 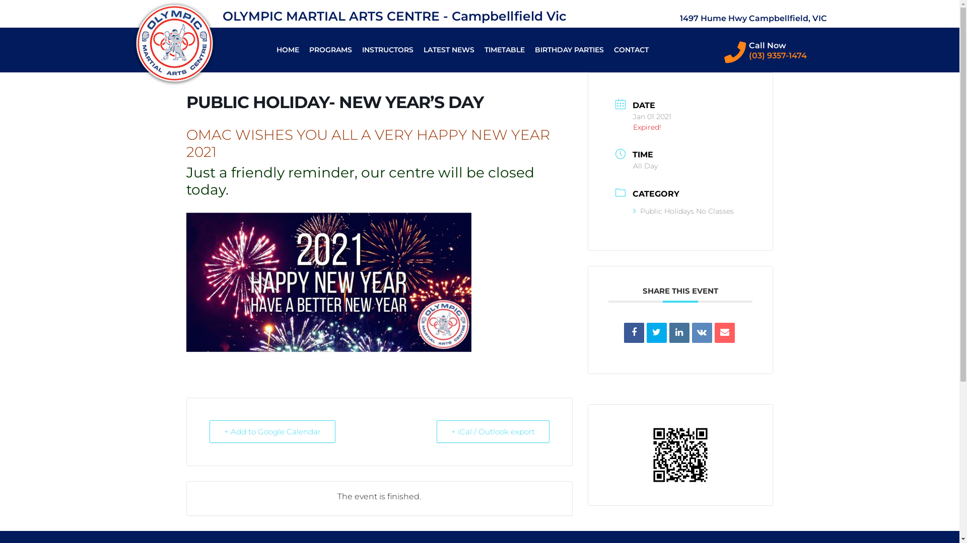 What do you see at coordinates (608, 50) in the screenshot?
I see `'CONTACT'` at bounding box center [608, 50].